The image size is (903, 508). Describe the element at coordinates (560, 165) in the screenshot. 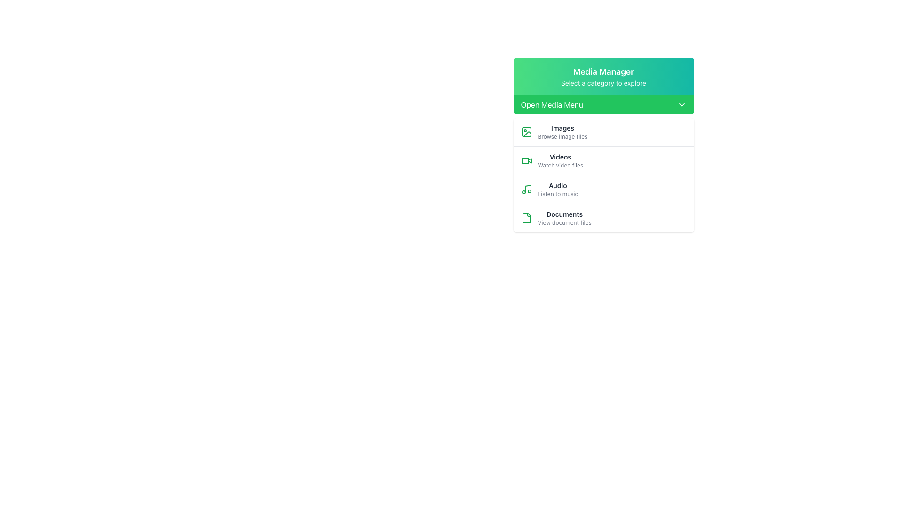

I see `the static text label providing a description for the 'Videos' section` at that location.